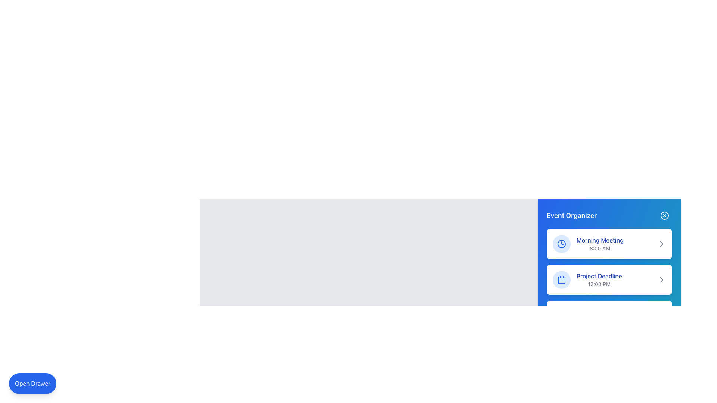  What do you see at coordinates (599, 279) in the screenshot?
I see `the static text component displaying 'Project Deadline' with the subtitle '12:00 PM' located in the second row of the 'Event Organizer' panel, beneath the 'Morning Meeting' card` at bounding box center [599, 279].